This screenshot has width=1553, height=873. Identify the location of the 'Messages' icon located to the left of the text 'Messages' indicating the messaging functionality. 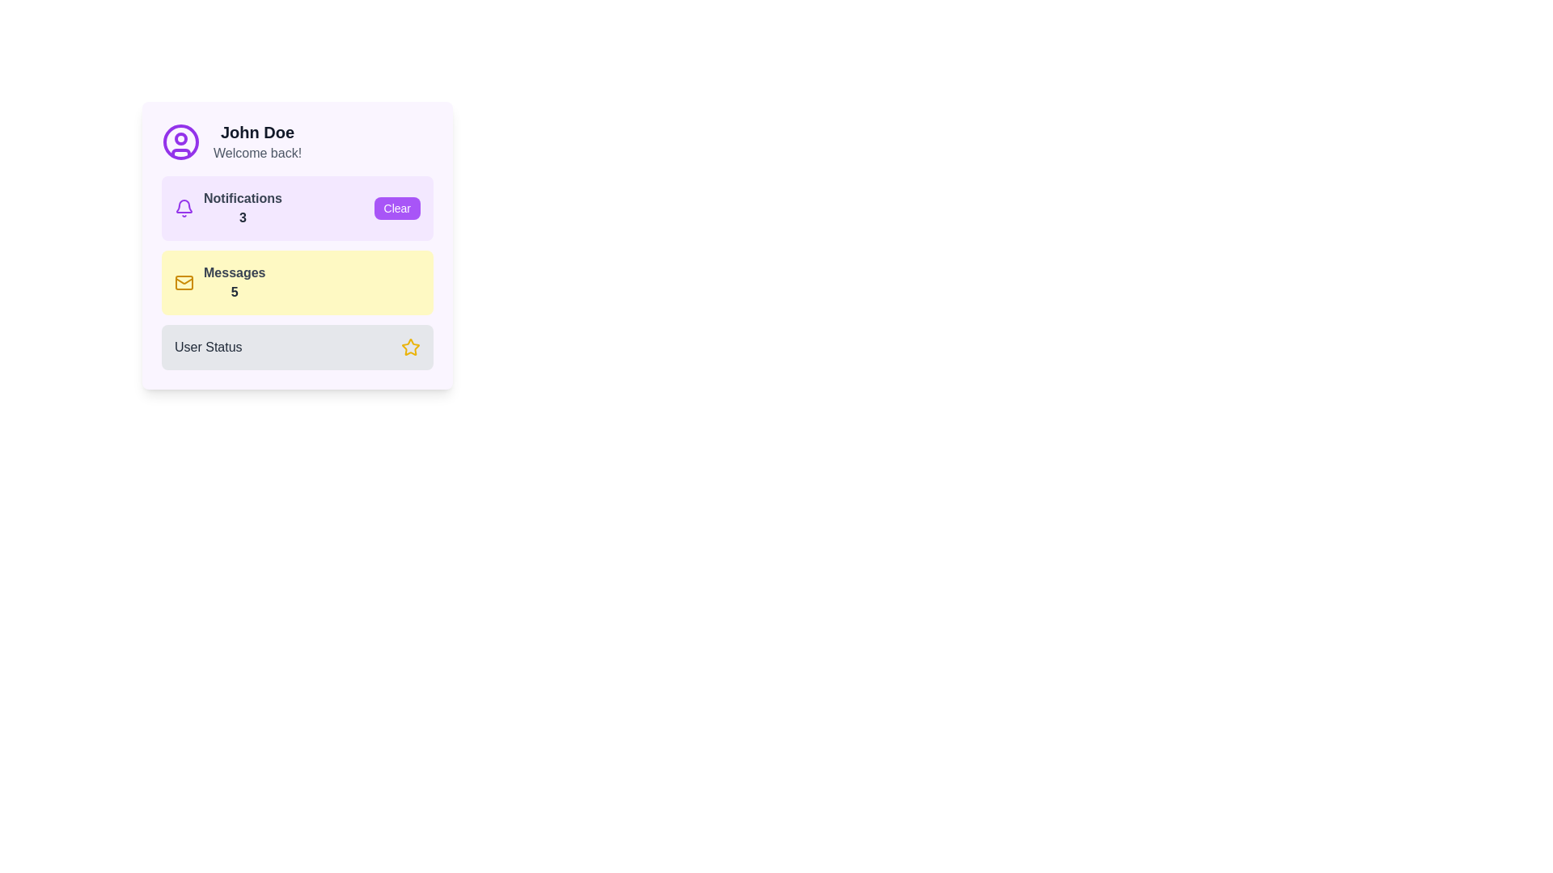
(184, 282).